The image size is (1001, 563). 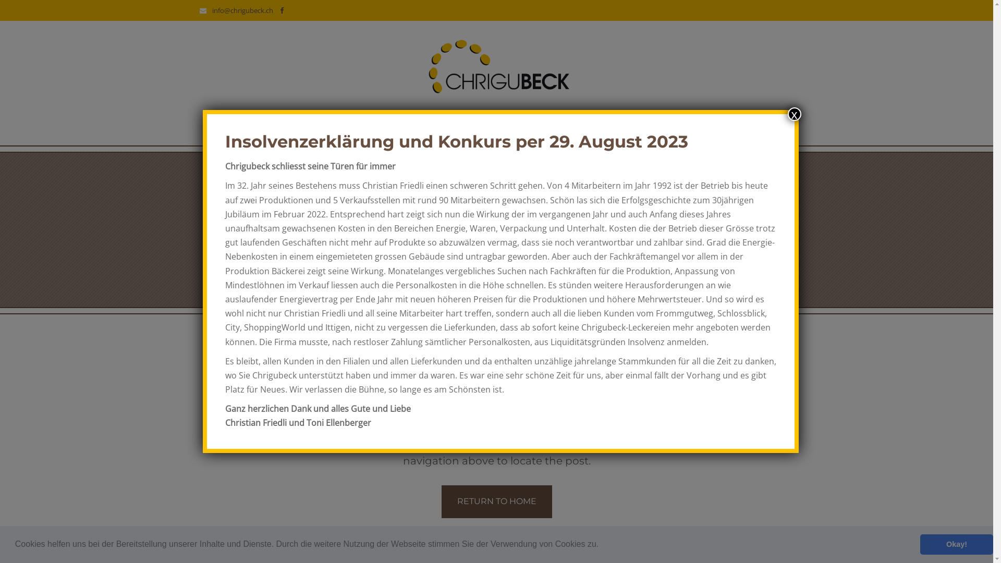 What do you see at coordinates (956, 544) in the screenshot?
I see `'Okay!'` at bounding box center [956, 544].